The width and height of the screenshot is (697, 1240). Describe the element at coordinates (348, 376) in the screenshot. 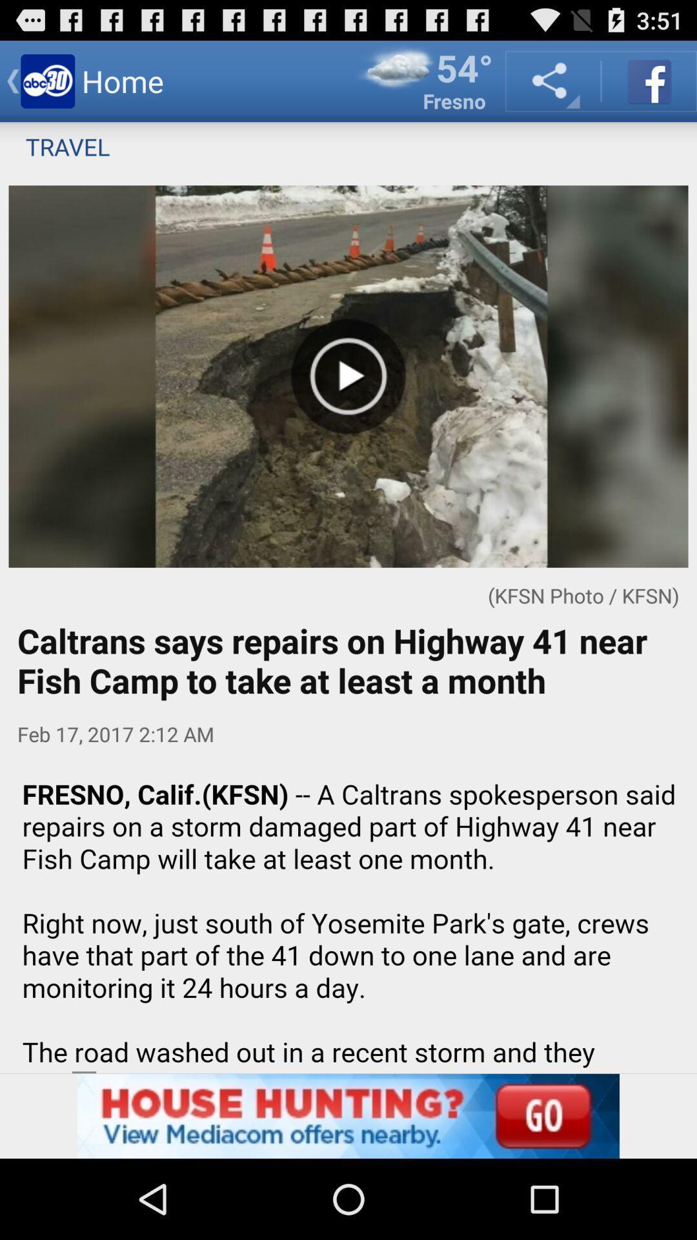

I see `the video` at that location.